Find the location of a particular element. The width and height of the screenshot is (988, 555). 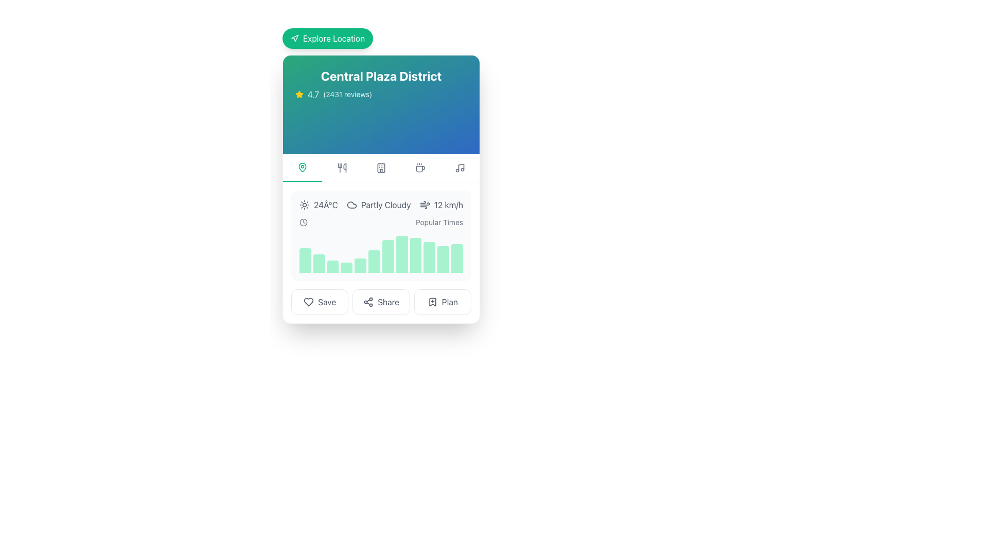

the corresponding data value by clicking on the seventh bar from the left in the histogram located in the center of the card layout is located at coordinates (387, 255).